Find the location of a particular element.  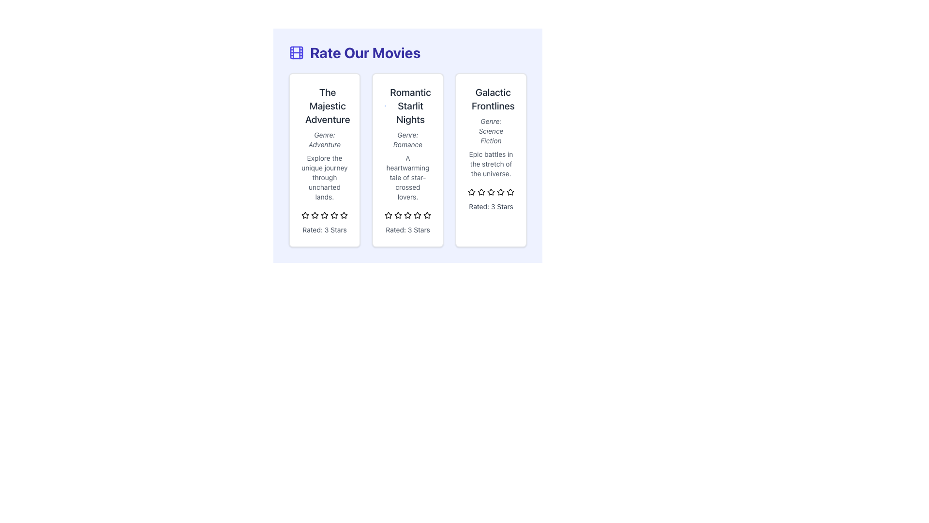

the fifth star in the rating system under the title 'Galactic Frontlines' is located at coordinates (510, 192).